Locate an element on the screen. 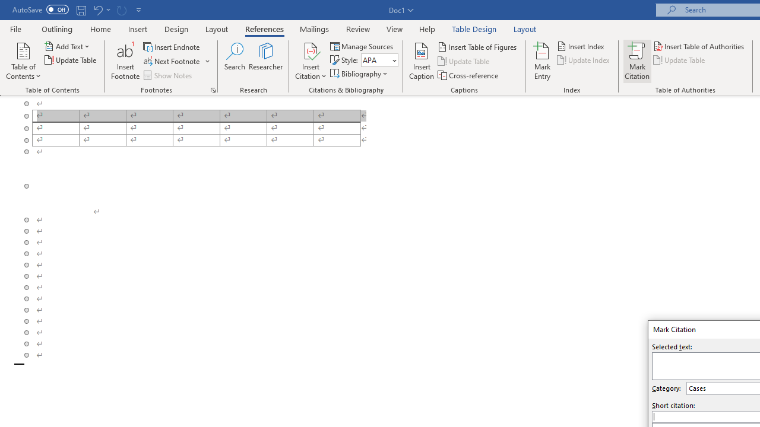 The height and width of the screenshot is (427, 760). 'Insert Citation' is located at coordinates (311, 61).